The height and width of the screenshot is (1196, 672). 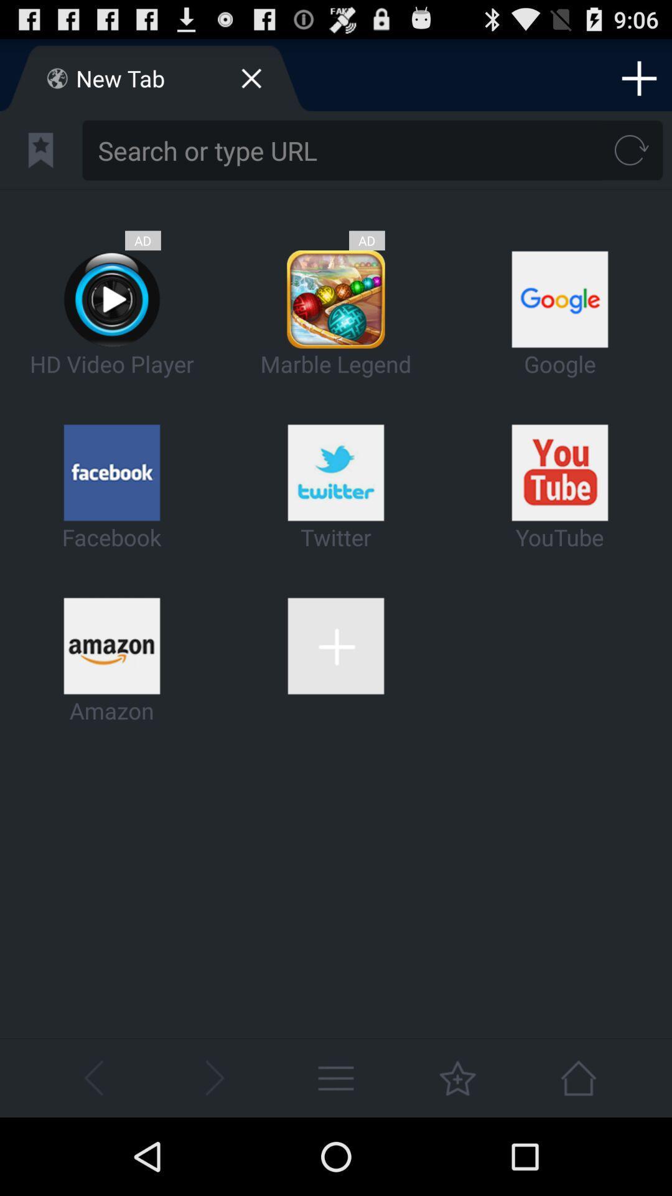 I want to click on the star icon, so click(x=457, y=1153).